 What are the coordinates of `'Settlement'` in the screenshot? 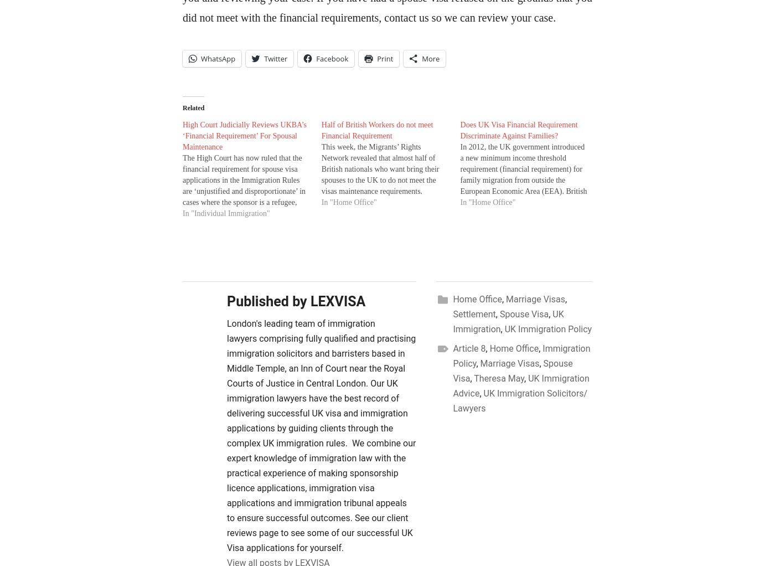 It's located at (474, 314).